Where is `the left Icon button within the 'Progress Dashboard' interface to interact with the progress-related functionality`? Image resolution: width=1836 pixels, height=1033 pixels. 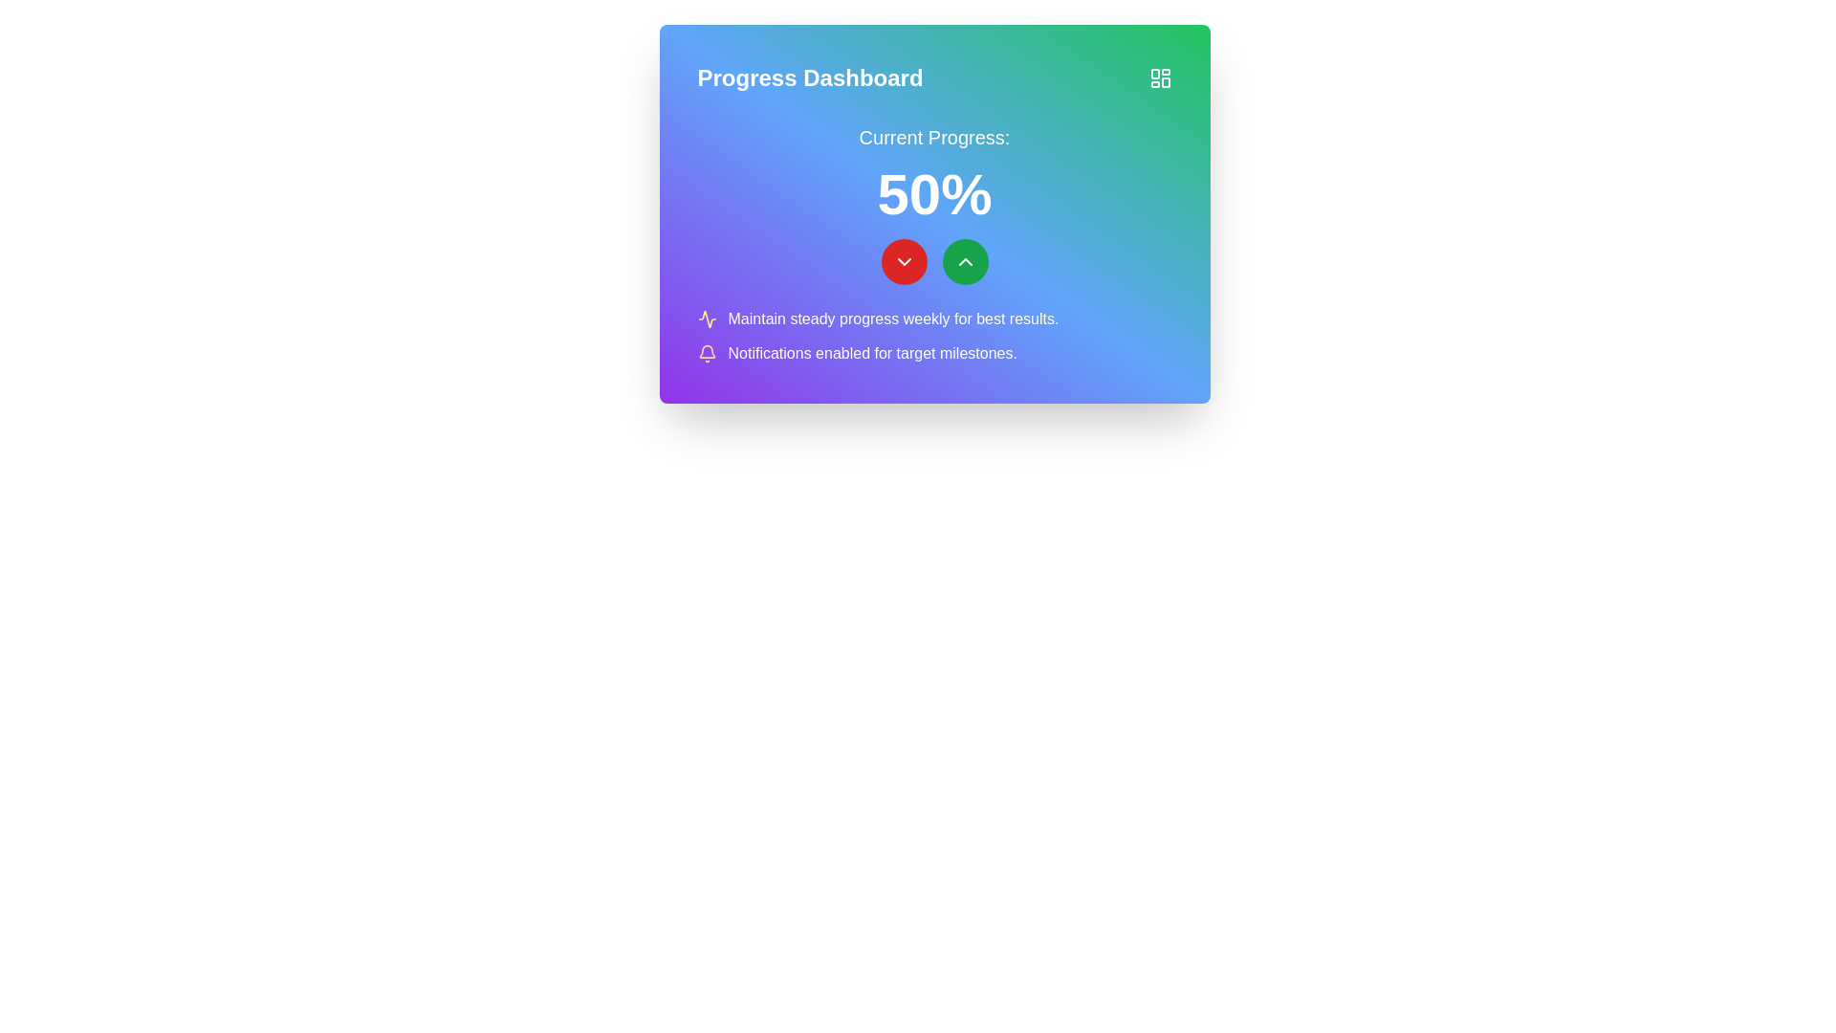
the left Icon button within the 'Progress Dashboard' interface to interact with the progress-related functionality is located at coordinates (903, 261).